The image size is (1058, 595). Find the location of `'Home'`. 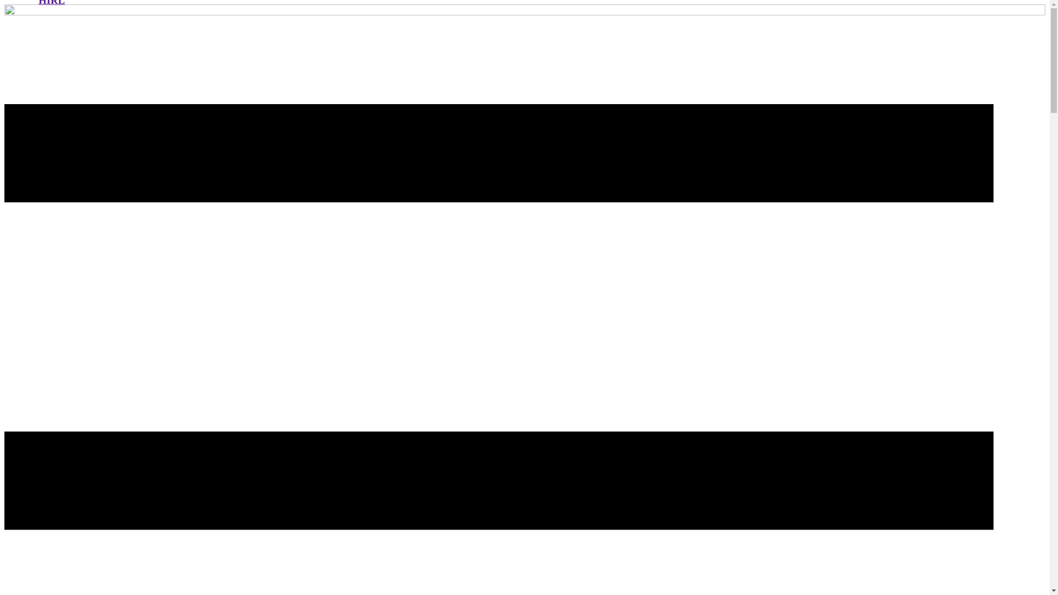

'Home' is located at coordinates (4, 12).